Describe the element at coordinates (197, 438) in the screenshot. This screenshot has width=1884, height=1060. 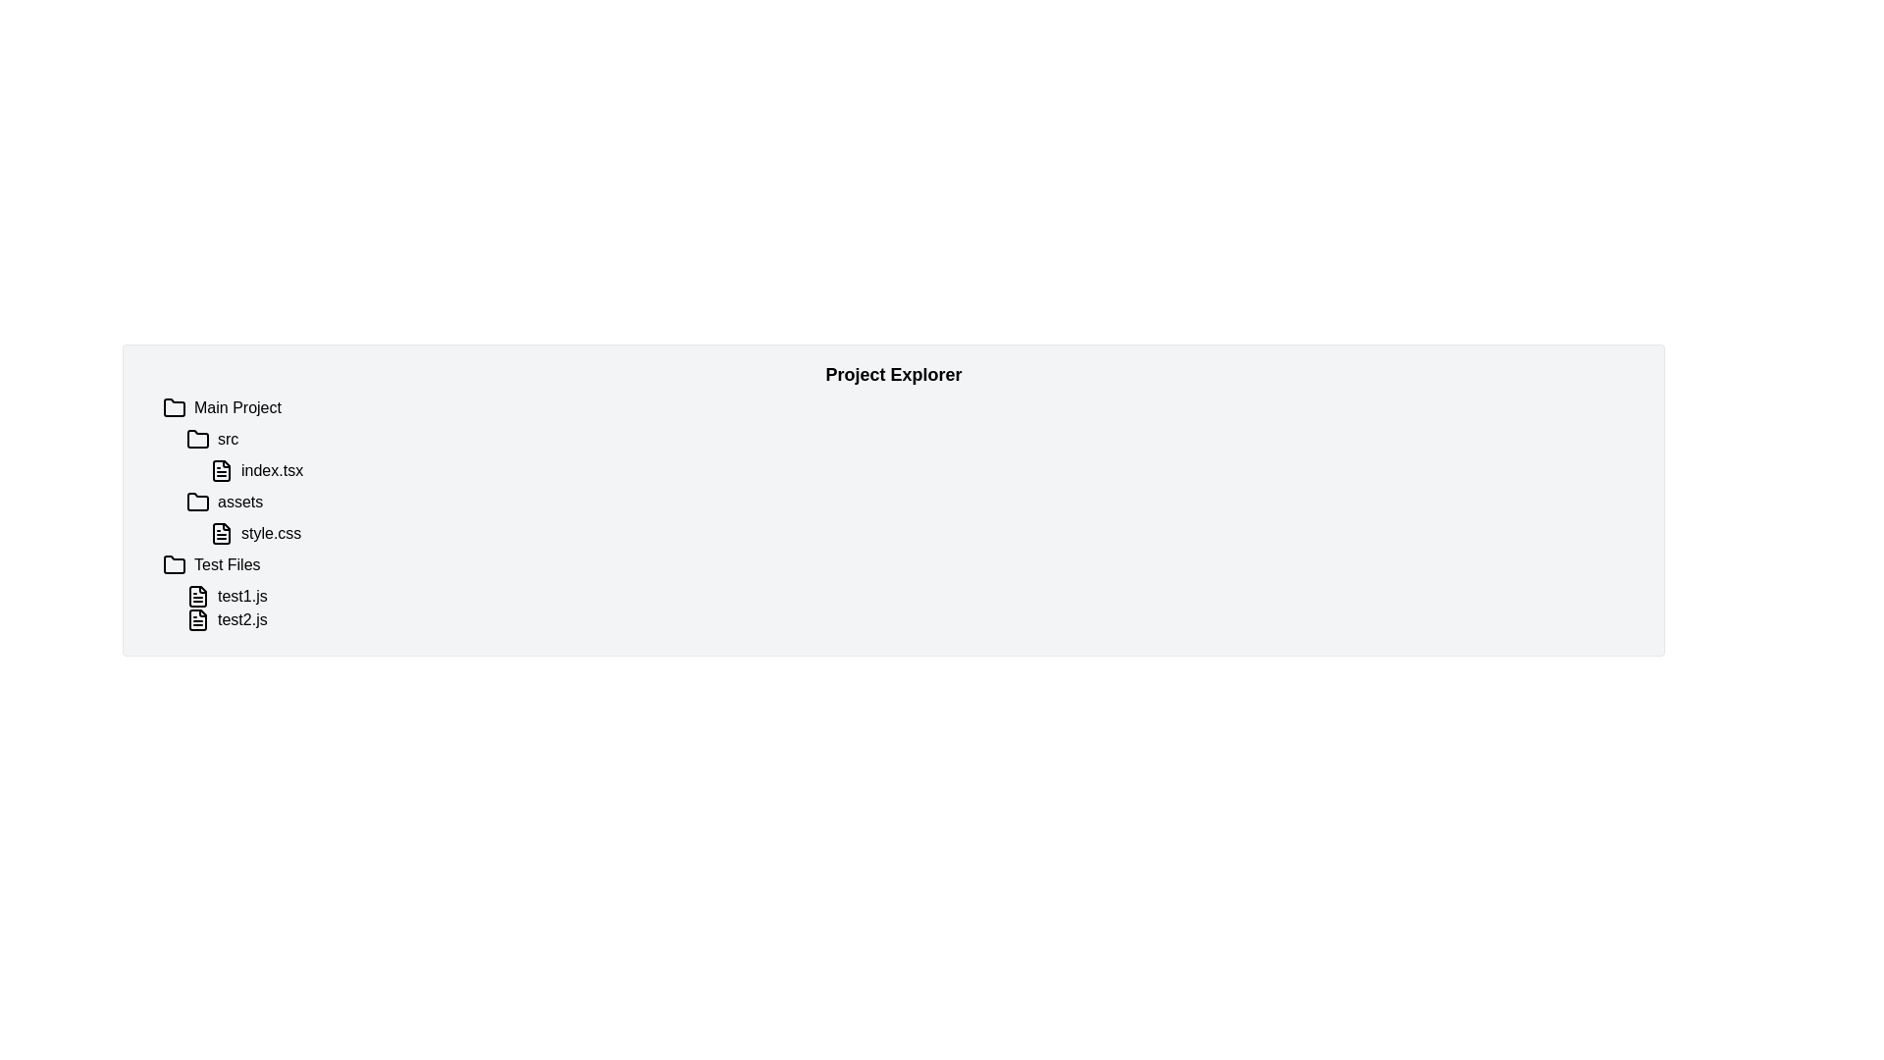
I see `the folder icon representing the 'src' directory` at that location.